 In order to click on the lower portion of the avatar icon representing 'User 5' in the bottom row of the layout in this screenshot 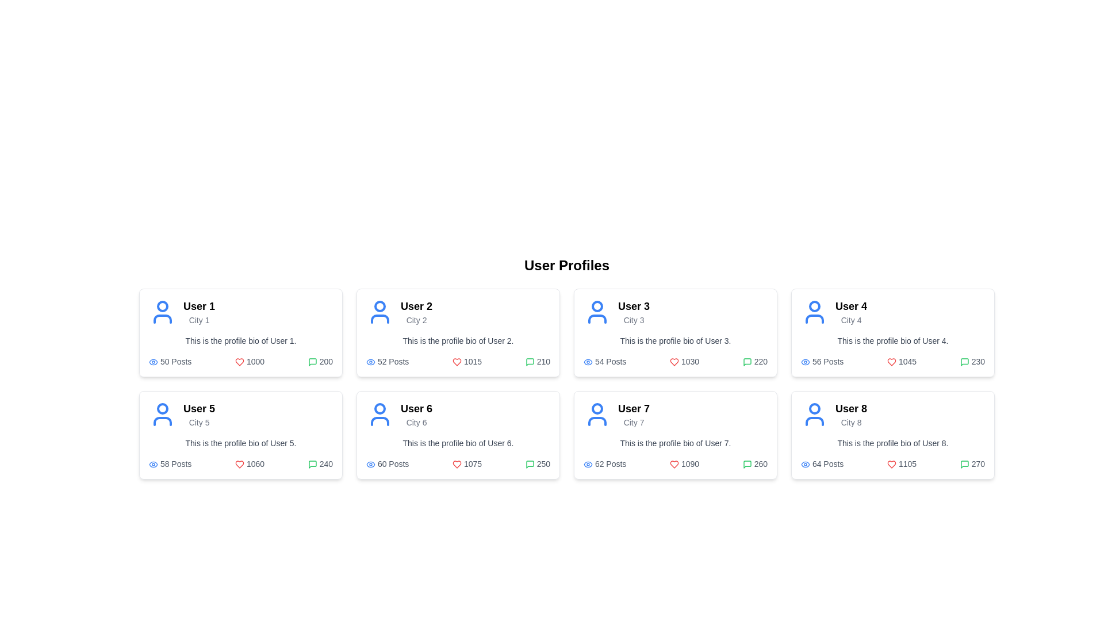, I will do `click(162, 421)`.